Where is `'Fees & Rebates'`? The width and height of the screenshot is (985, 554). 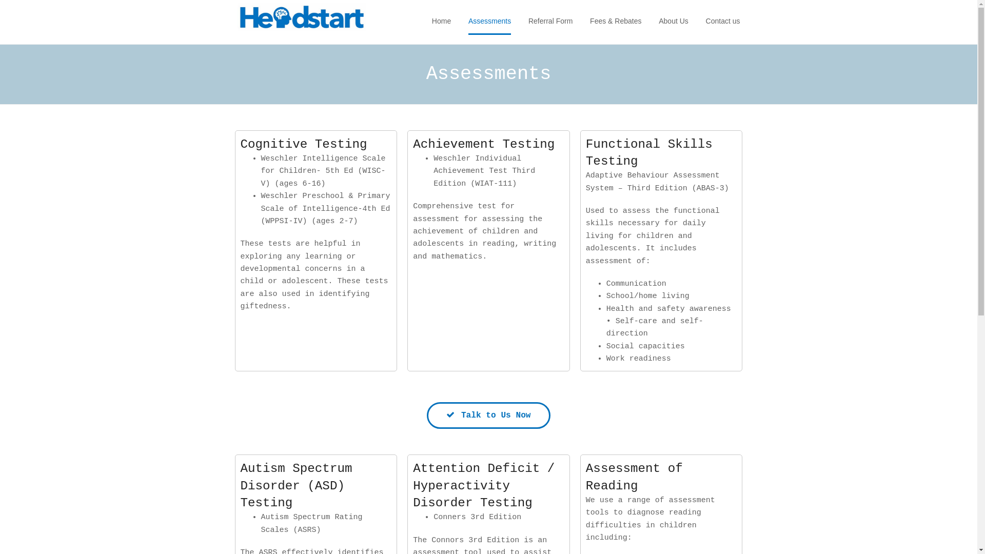 'Fees & Rebates' is located at coordinates (616, 22).